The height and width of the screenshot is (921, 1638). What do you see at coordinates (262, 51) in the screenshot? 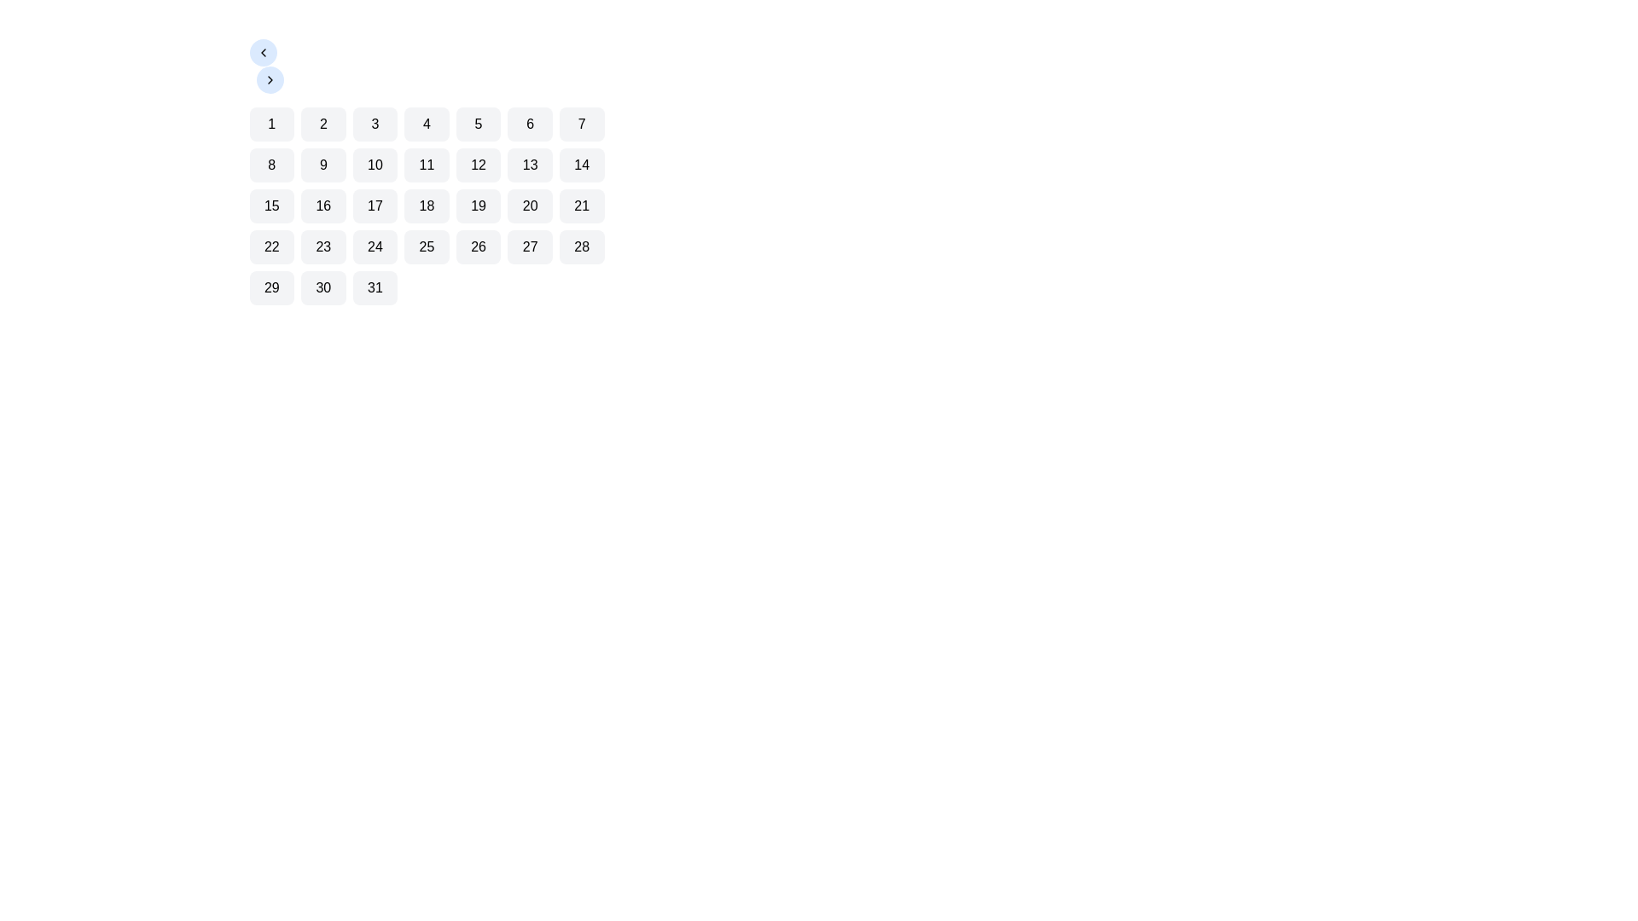
I see `the circular button with a light blue background and a black left-pointing chevron icon` at bounding box center [262, 51].